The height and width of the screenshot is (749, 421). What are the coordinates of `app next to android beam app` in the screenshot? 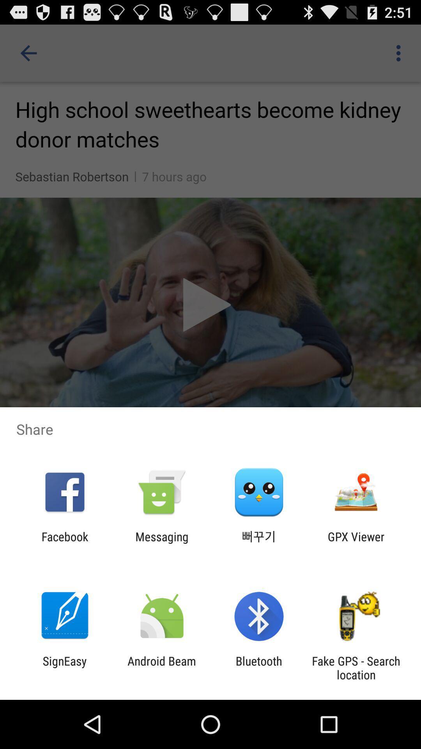 It's located at (259, 667).